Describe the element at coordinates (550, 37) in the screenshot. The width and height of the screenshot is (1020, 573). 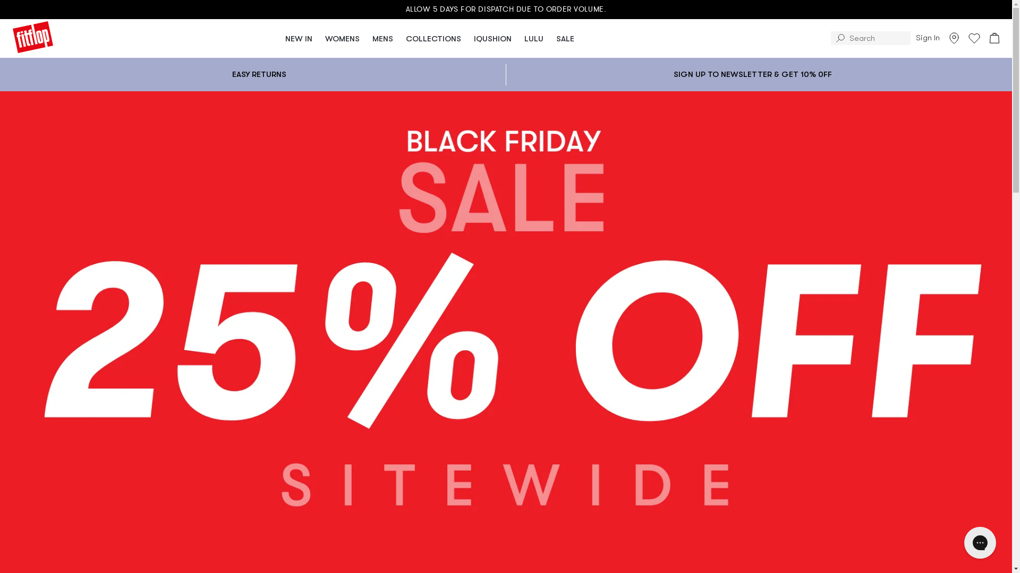
I see `'SALE'` at that location.